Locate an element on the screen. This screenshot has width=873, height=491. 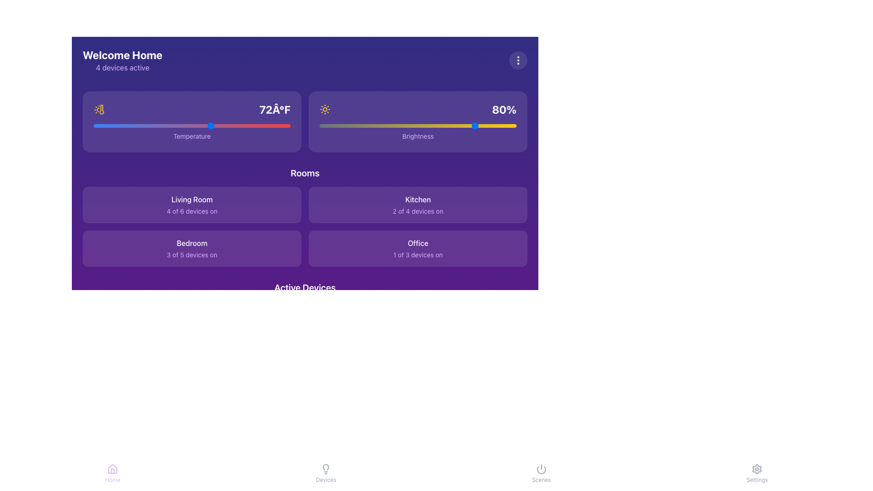
the 'Home' icon in the bottom navigation menu, which serves as an indicator for the Home section of the application is located at coordinates (112, 469).